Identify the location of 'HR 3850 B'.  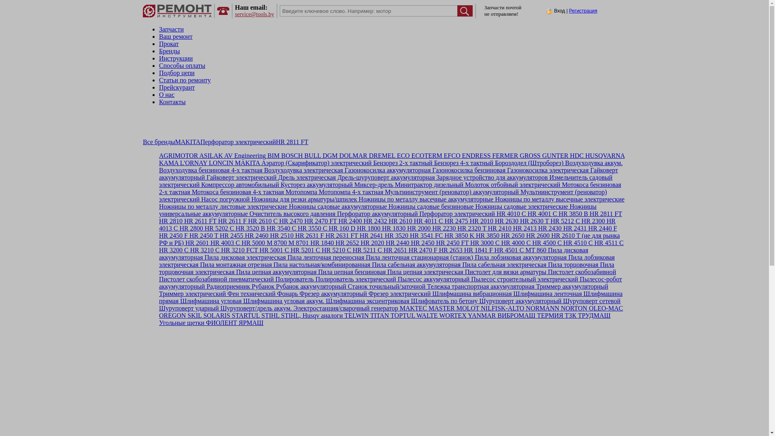
(557, 213).